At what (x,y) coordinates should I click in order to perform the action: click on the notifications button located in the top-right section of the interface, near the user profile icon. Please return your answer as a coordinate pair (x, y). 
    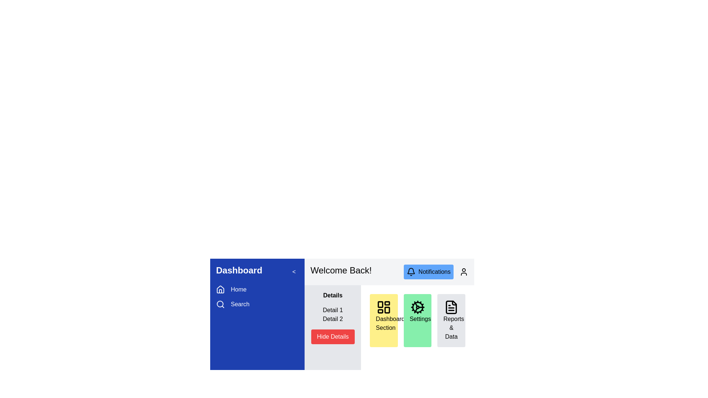
    Looking at the image, I should click on (428, 272).